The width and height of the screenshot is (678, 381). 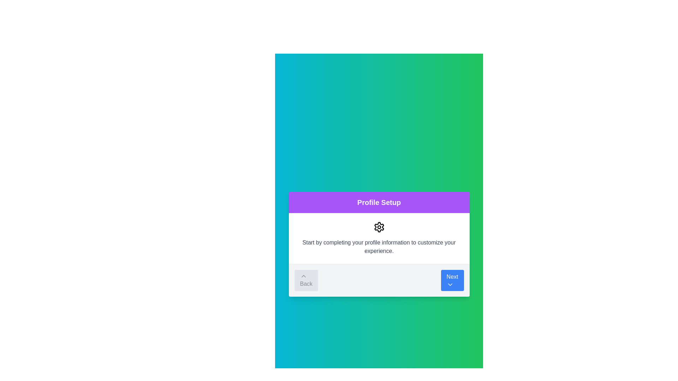 I want to click on the 'Back' button, which is a rectangular button with a light gray background and rounded corners, displaying the text 'Back' in dark gray and an upward-pointing chevron icon above it, so click(x=306, y=280).